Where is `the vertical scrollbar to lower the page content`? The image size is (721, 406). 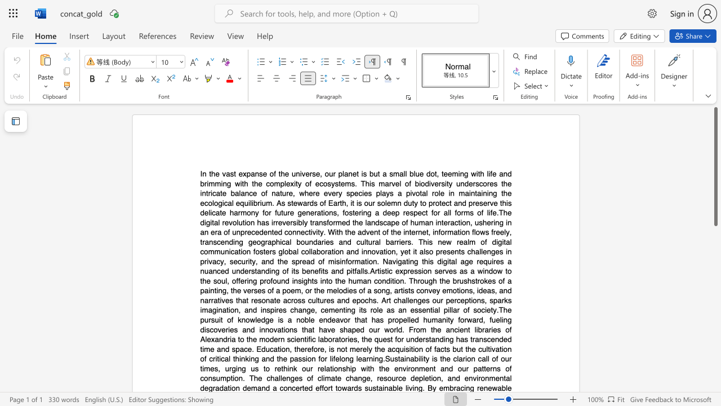 the vertical scrollbar to lower the page content is located at coordinates (715, 247).